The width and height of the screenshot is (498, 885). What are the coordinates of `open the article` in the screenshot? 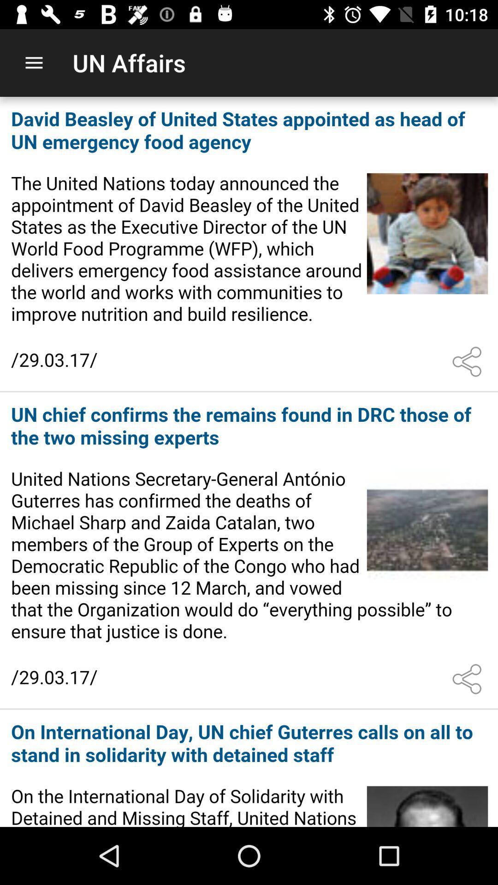 It's located at (249, 551).